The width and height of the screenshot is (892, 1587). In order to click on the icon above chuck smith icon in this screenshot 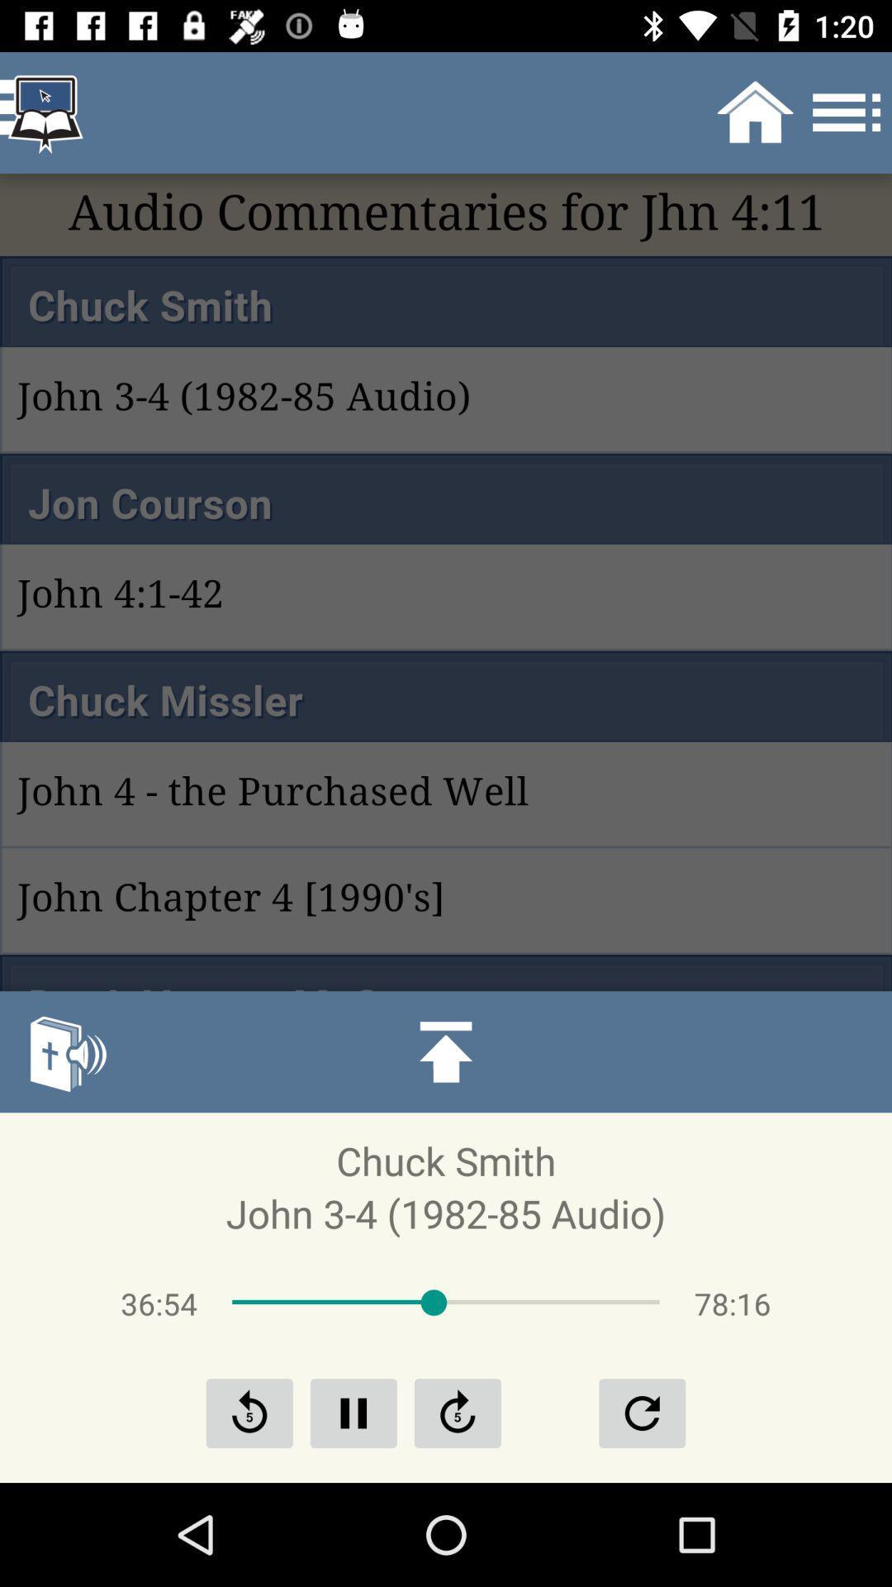, I will do `click(446, 1051)`.